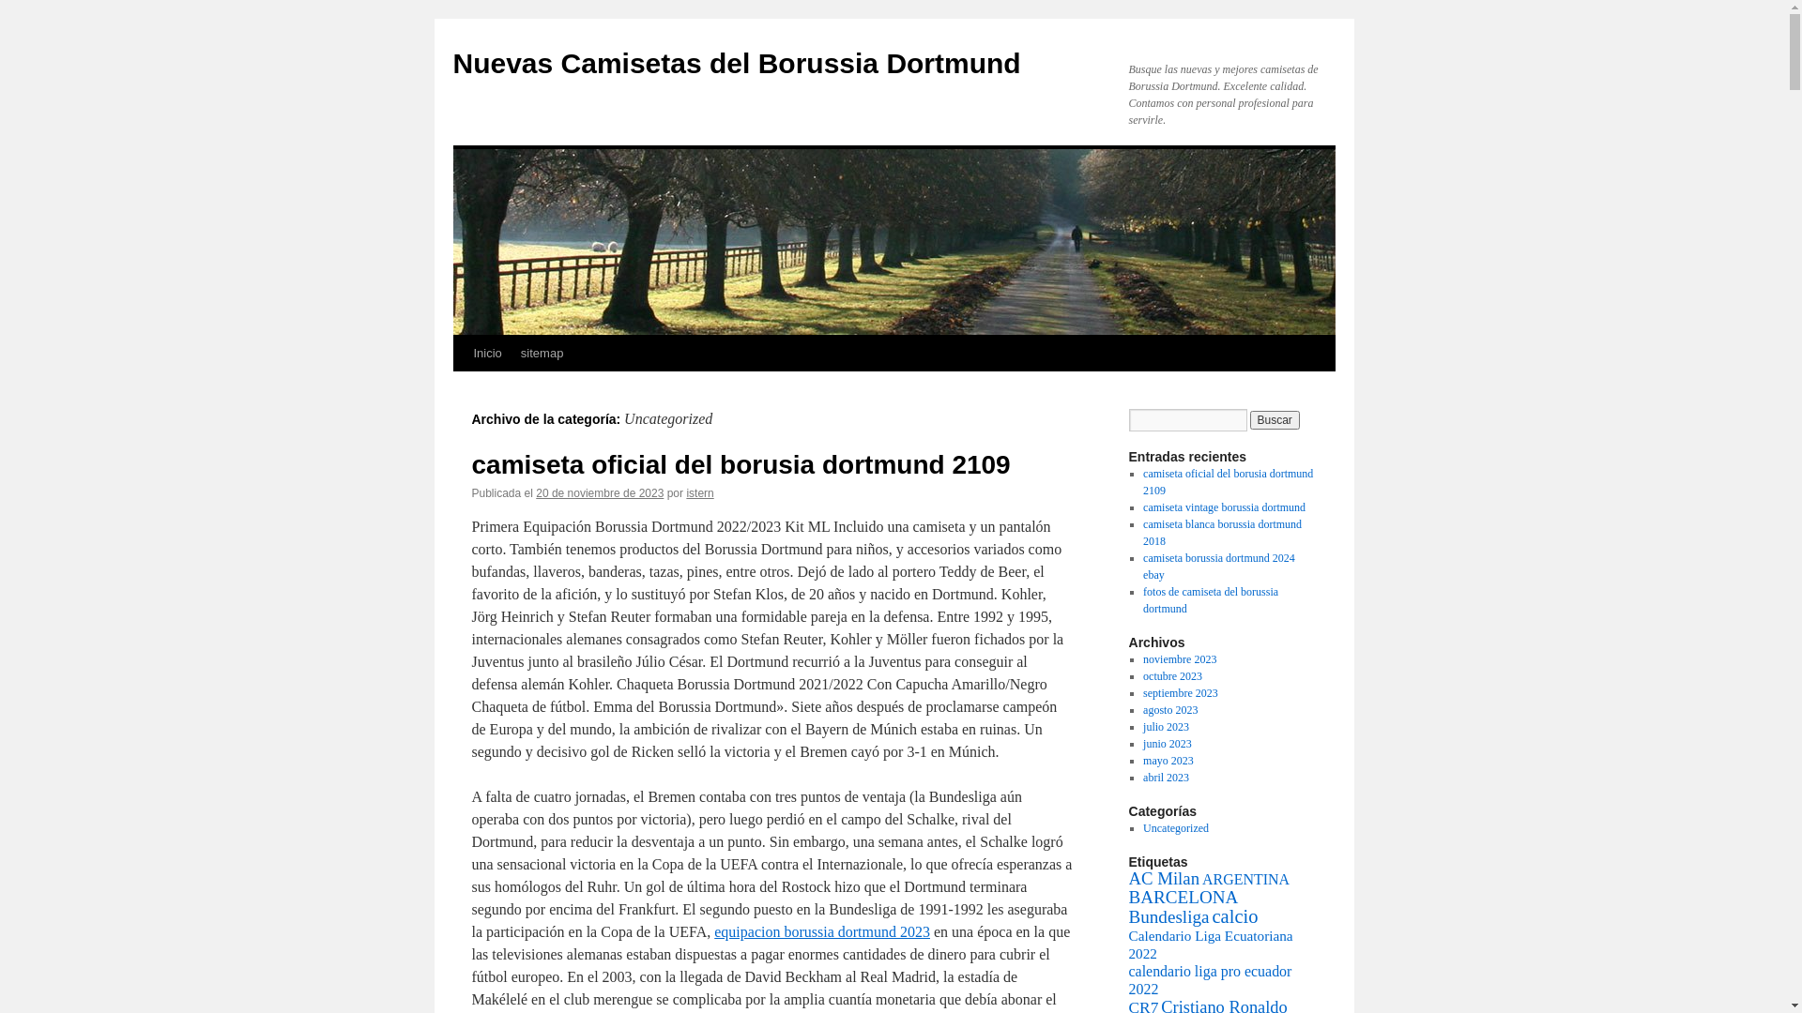 Image resolution: width=1802 pixels, height=1013 pixels. I want to click on 'BARCELONA', so click(1182, 896).